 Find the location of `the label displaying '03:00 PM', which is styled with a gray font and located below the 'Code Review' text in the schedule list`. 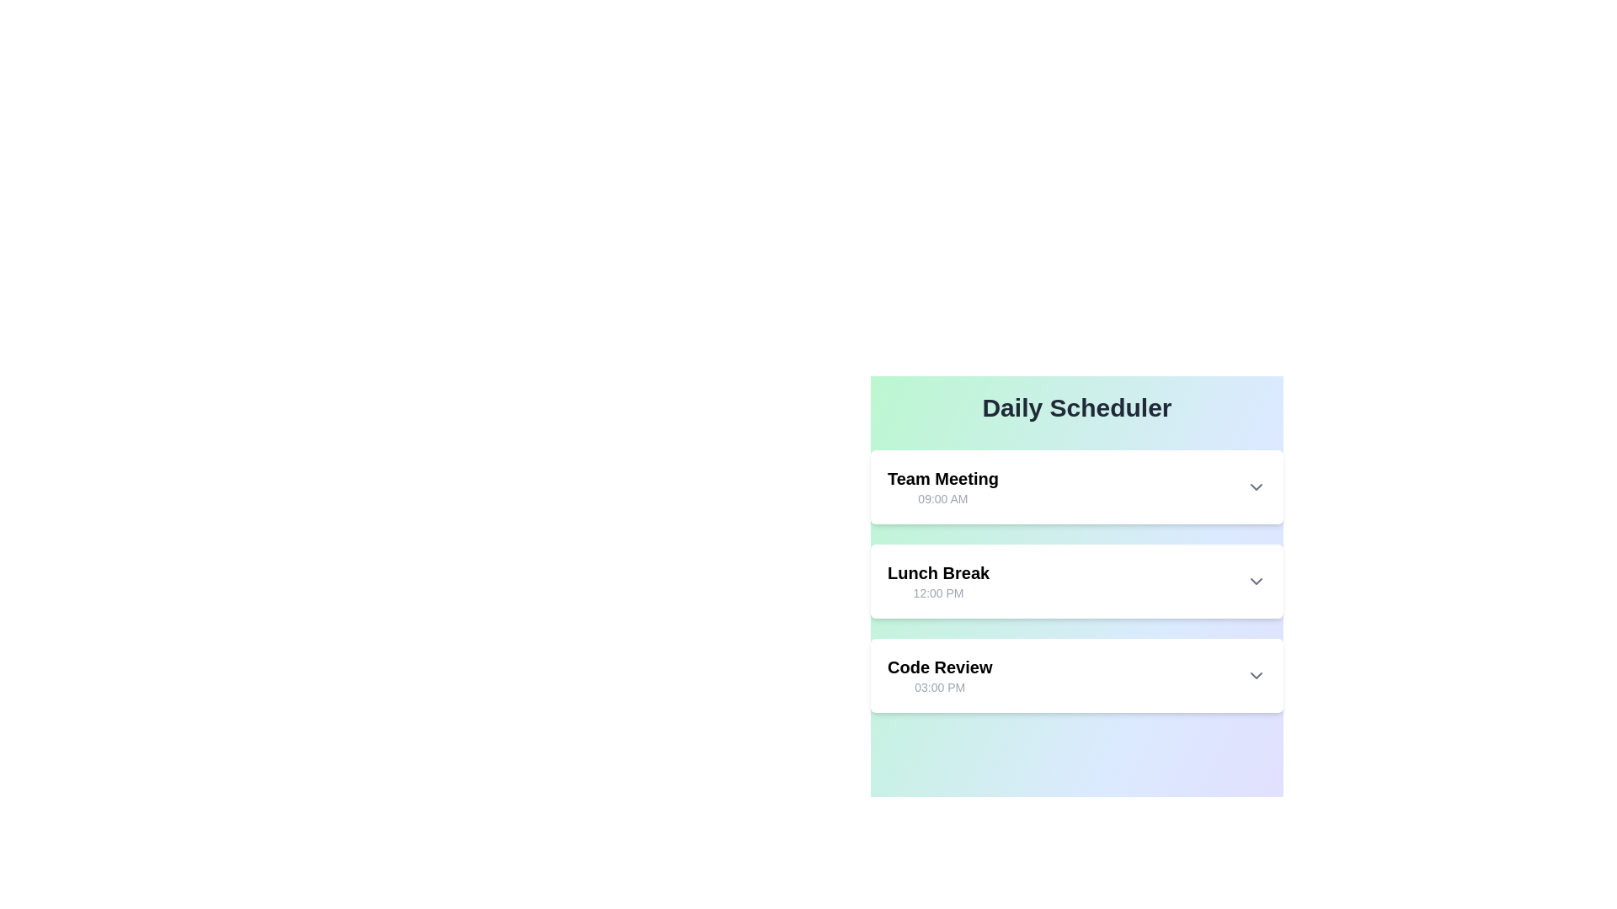

the label displaying '03:00 PM', which is styled with a gray font and located below the 'Code Review' text in the schedule list is located at coordinates (939, 688).